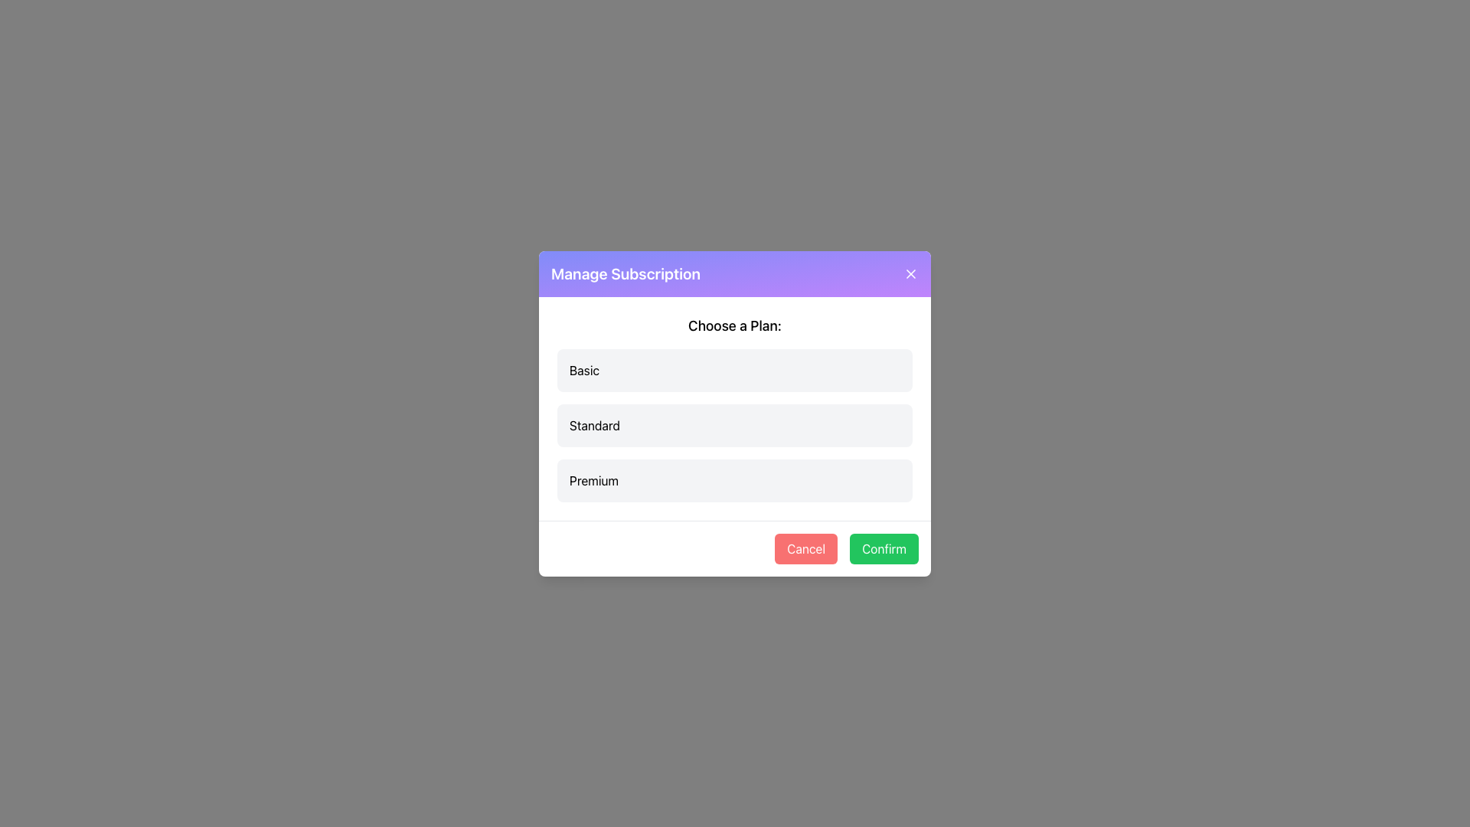 Image resolution: width=1470 pixels, height=827 pixels. Describe the element at coordinates (911, 273) in the screenshot. I see `the close icon located at the top-right corner of the modal dialog` at that location.